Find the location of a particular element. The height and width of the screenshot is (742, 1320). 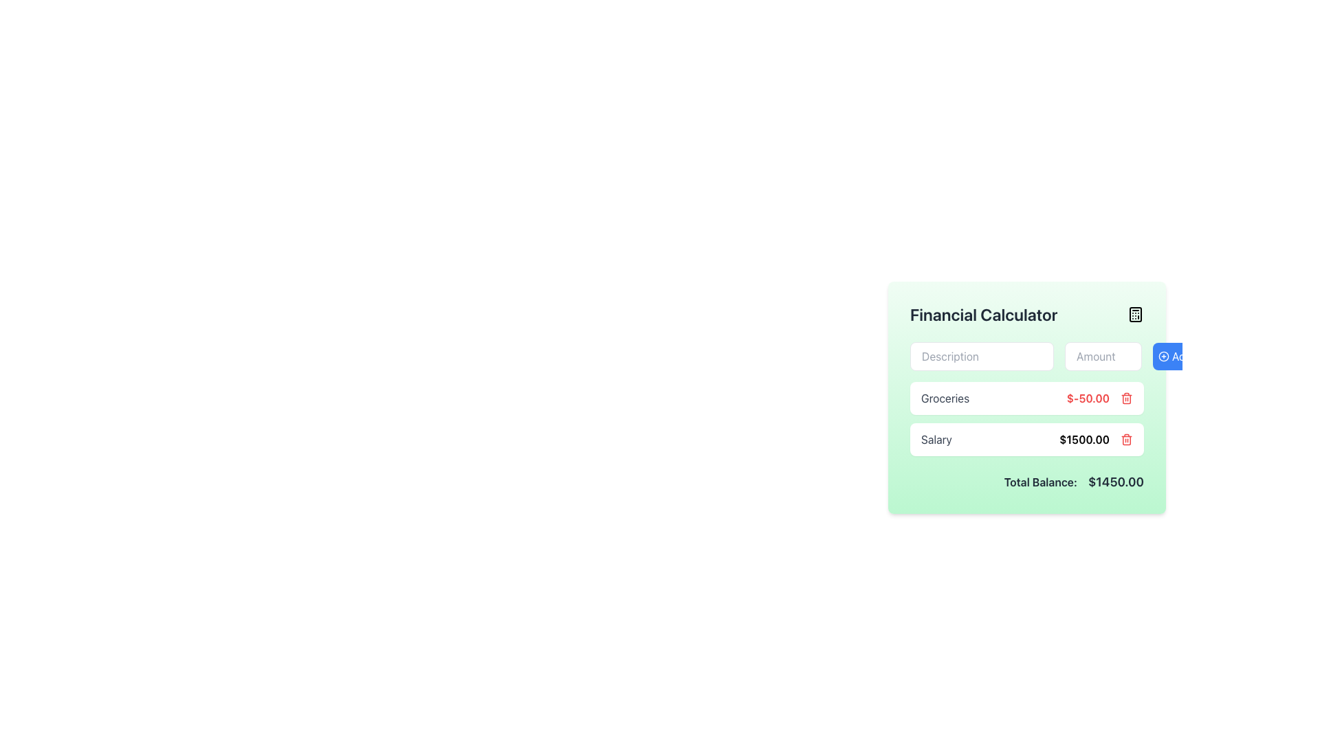

the button located at the rightmost end of a horizontal row in the financial calculator interface is located at coordinates (1174, 356).